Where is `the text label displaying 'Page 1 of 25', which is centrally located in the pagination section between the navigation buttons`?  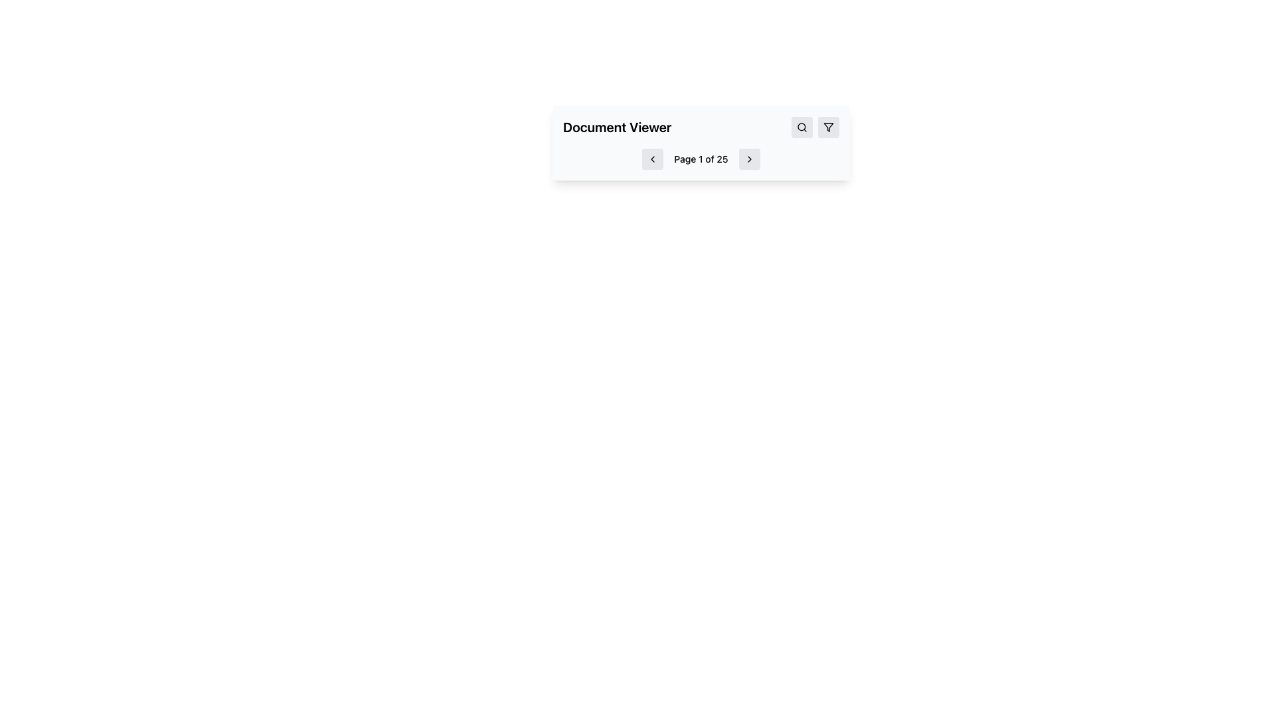
the text label displaying 'Page 1 of 25', which is centrally located in the pagination section between the navigation buttons is located at coordinates (701, 158).